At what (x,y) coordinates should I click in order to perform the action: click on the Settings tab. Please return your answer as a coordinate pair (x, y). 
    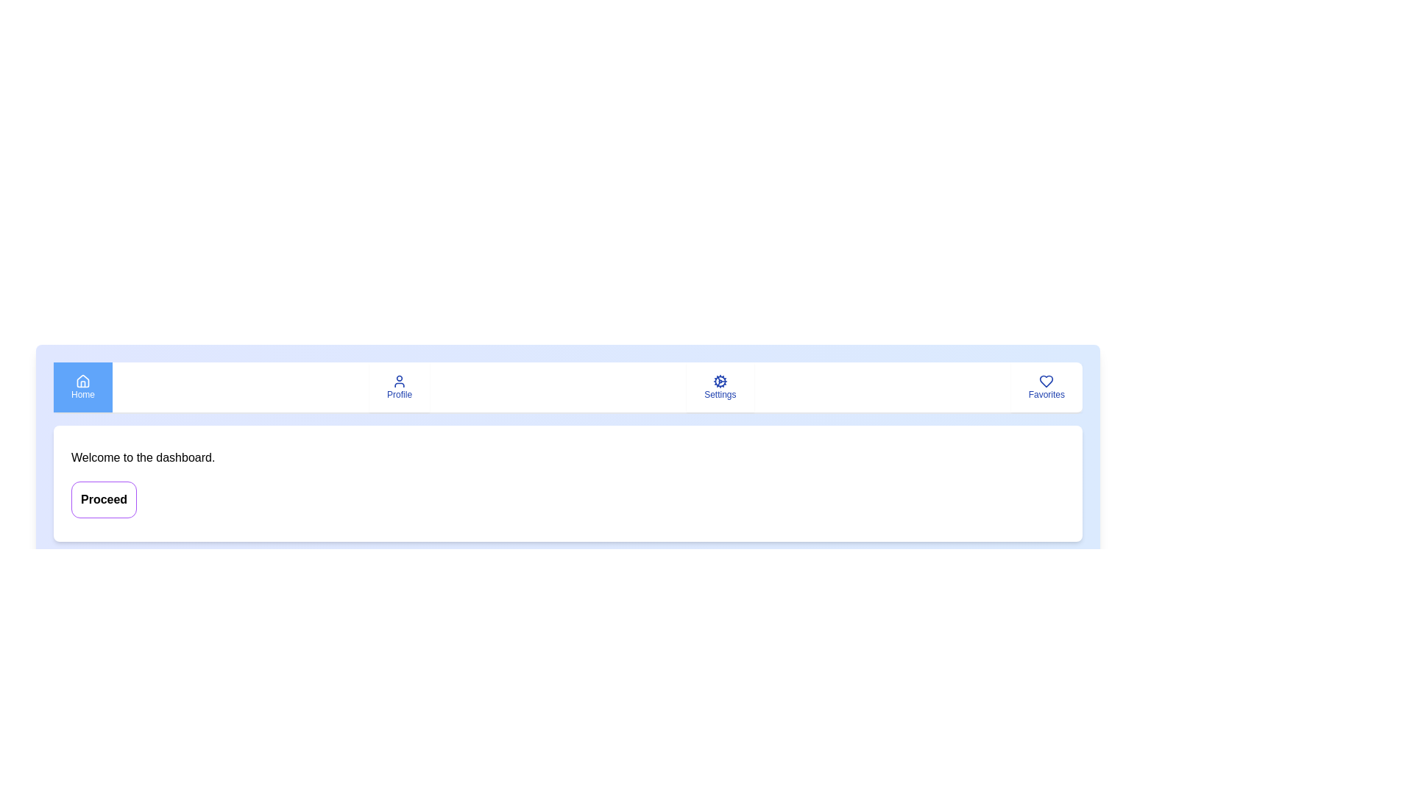
    Looking at the image, I should click on (720, 387).